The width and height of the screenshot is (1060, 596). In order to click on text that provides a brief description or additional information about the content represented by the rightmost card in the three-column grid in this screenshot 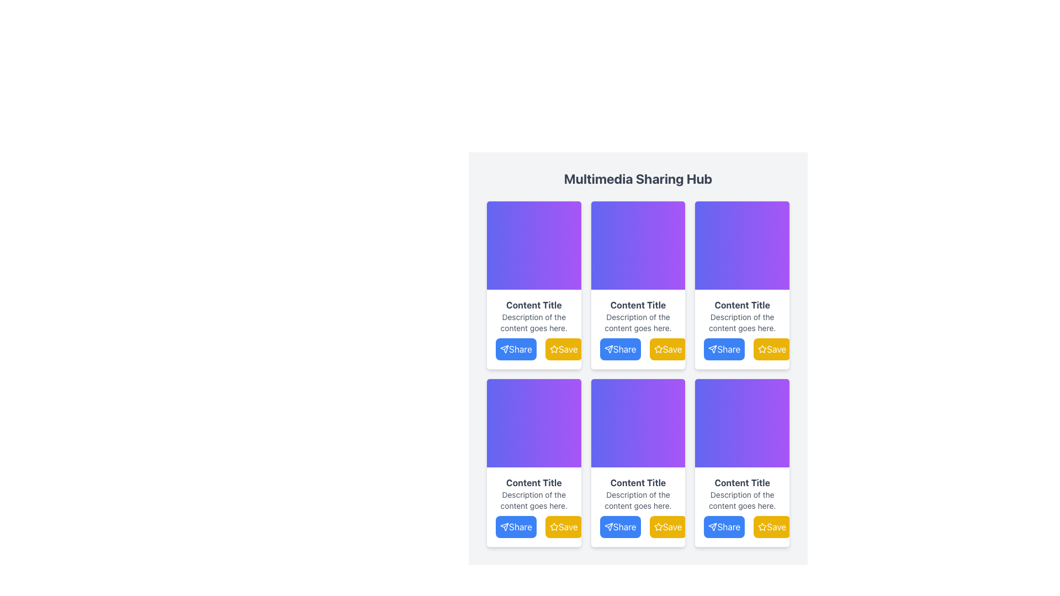, I will do `click(742, 323)`.